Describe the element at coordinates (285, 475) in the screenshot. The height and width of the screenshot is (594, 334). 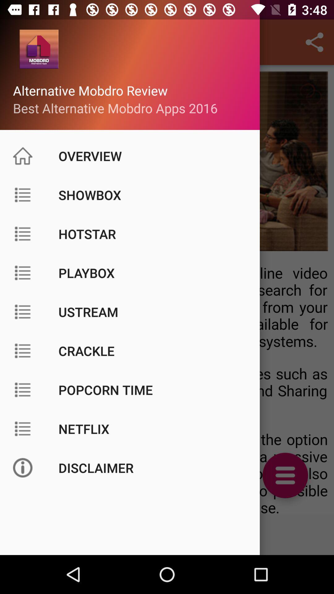
I see `the menu icon` at that location.